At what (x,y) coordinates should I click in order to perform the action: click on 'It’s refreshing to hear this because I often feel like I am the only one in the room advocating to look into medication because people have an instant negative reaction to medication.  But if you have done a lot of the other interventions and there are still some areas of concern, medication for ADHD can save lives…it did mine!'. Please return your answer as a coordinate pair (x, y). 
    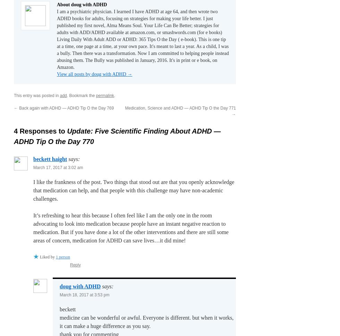
    Looking at the image, I should click on (131, 227).